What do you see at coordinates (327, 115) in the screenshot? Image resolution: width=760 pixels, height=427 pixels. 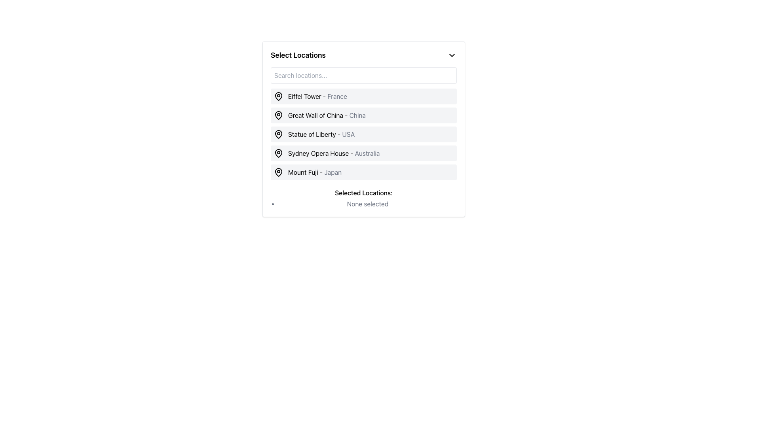 I see `the text 'Great Wall of China - China' in the second row of the location dropdown list` at bounding box center [327, 115].